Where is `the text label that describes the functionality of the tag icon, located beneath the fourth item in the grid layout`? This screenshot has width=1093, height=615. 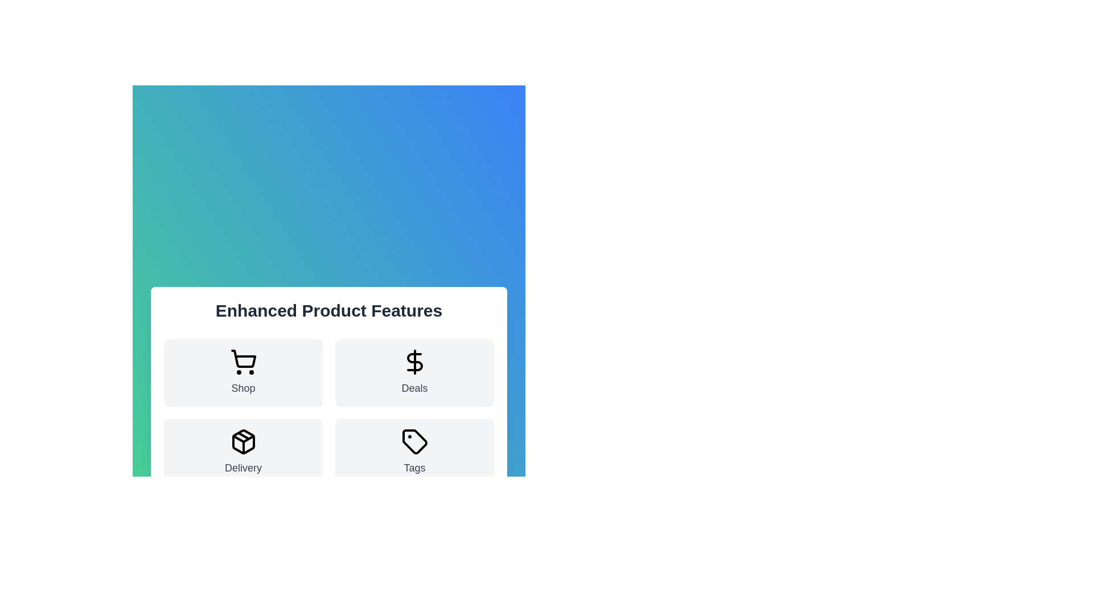 the text label that describes the functionality of the tag icon, located beneath the fourth item in the grid layout is located at coordinates (414, 468).